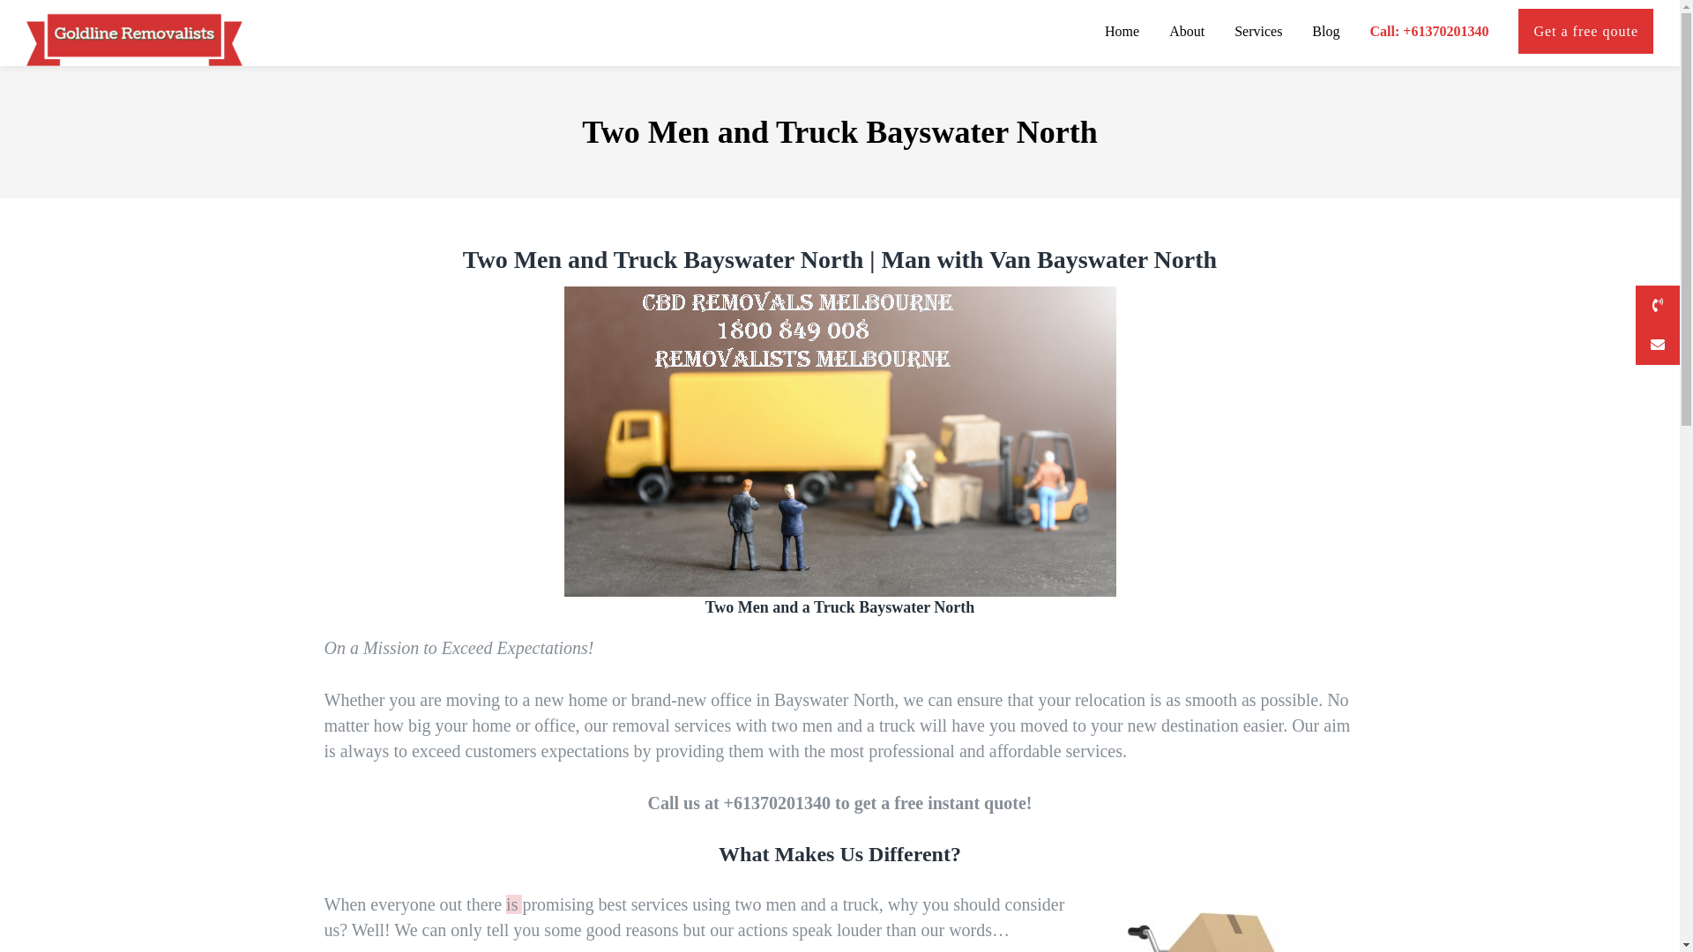 Image resolution: width=1693 pixels, height=952 pixels. I want to click on 'Get a free qoute', so click(1506, 33).